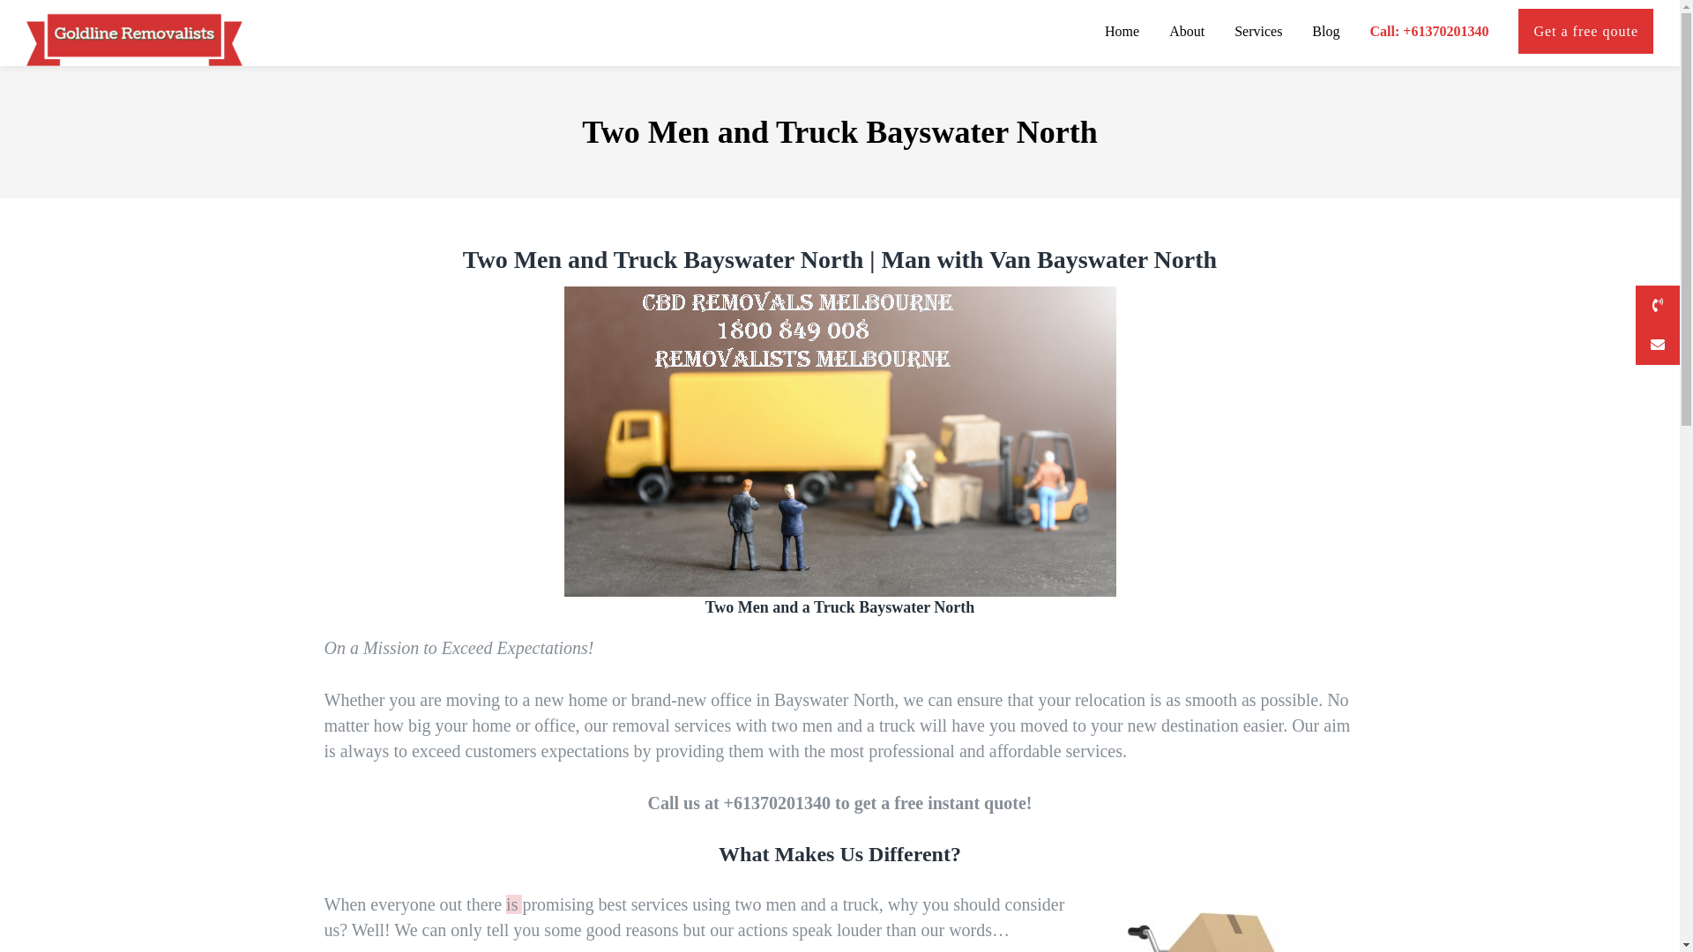 Image resolution: width=1693 pixels, height=952 pixels. I want to click on 'Get a free qoute', so click(1506, 33).